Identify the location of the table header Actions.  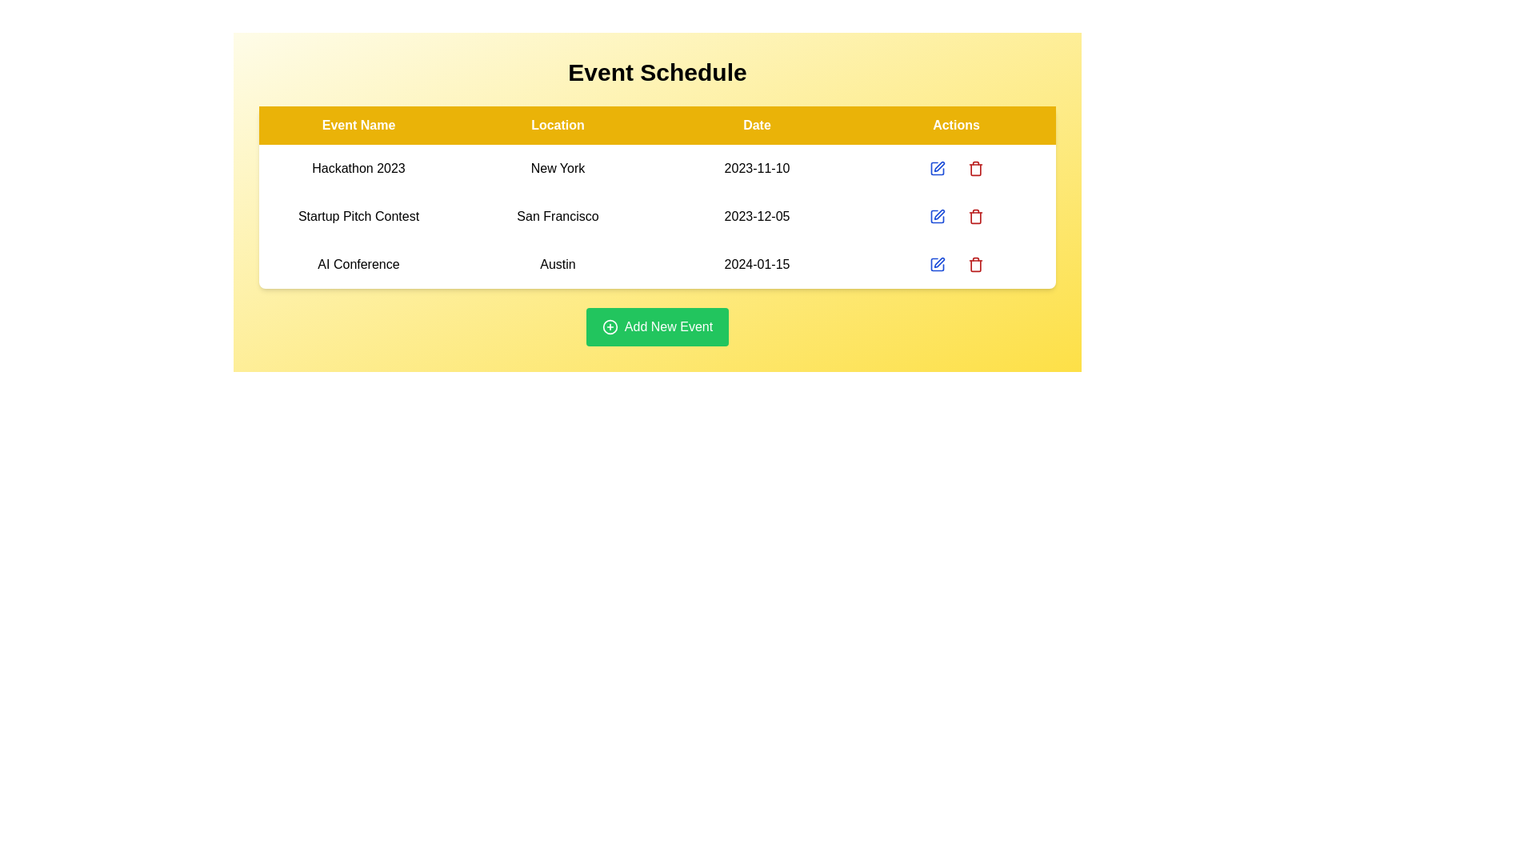
(956, 125).